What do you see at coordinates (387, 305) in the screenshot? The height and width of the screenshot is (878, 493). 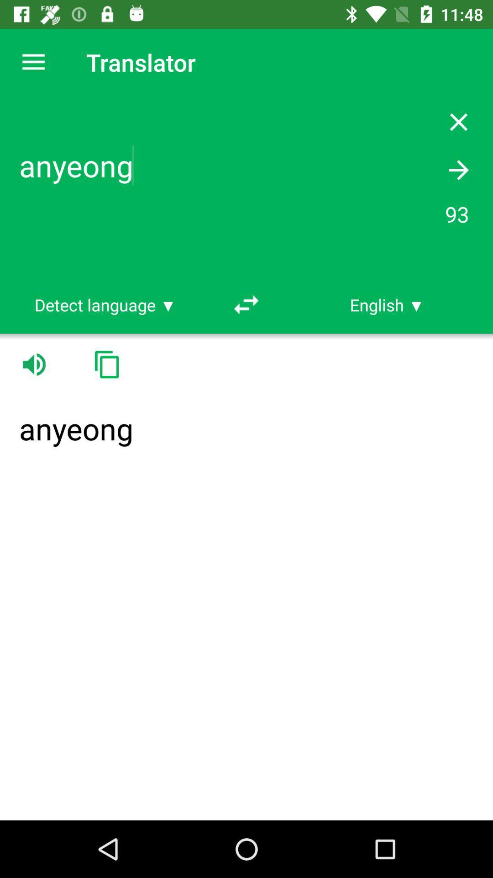 I see `the item on the right` at bounding box center [387, 305].